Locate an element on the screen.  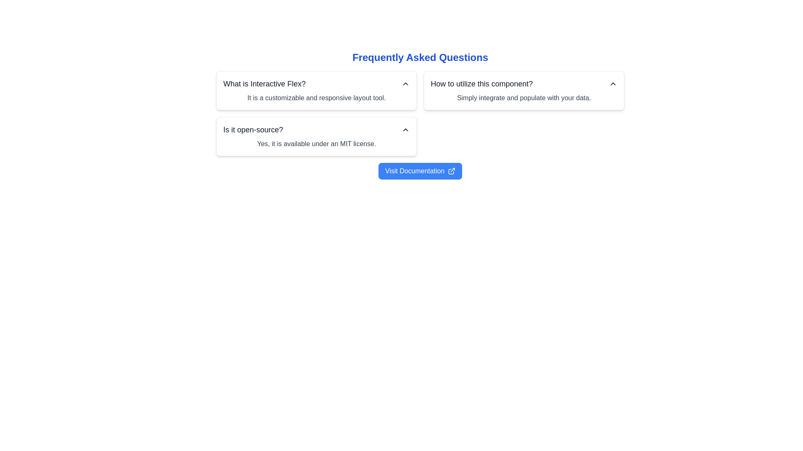
the rectangular button with a vibrant blue background labeled 'Visit Documentation' is located at coordinates (420, 170).